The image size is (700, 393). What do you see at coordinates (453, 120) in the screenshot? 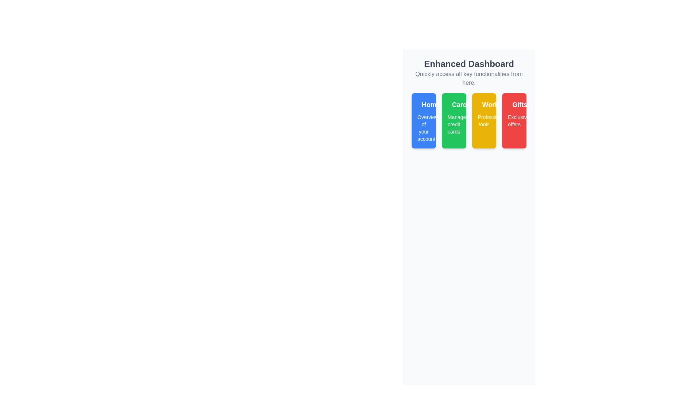
I see `the title within the navigation card for managing credit cards, located in the second column of the grid layout between the 'Home' and 'Work' cards` at bounding box center [453, 120].